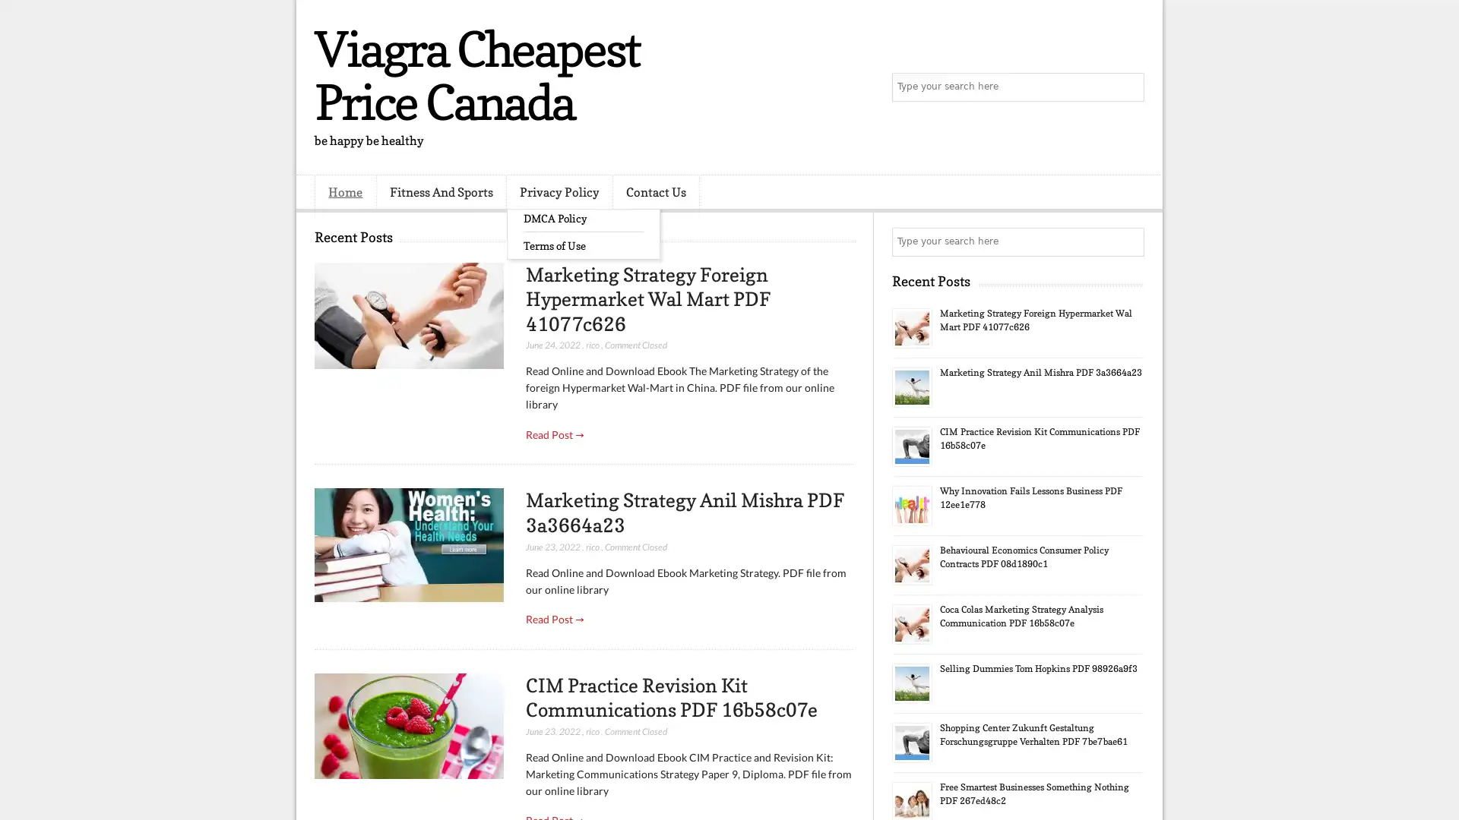  What do you see at coordinates (1128, 87) in the screenshot?
I see `Search` at bounding box center [1128, 87].